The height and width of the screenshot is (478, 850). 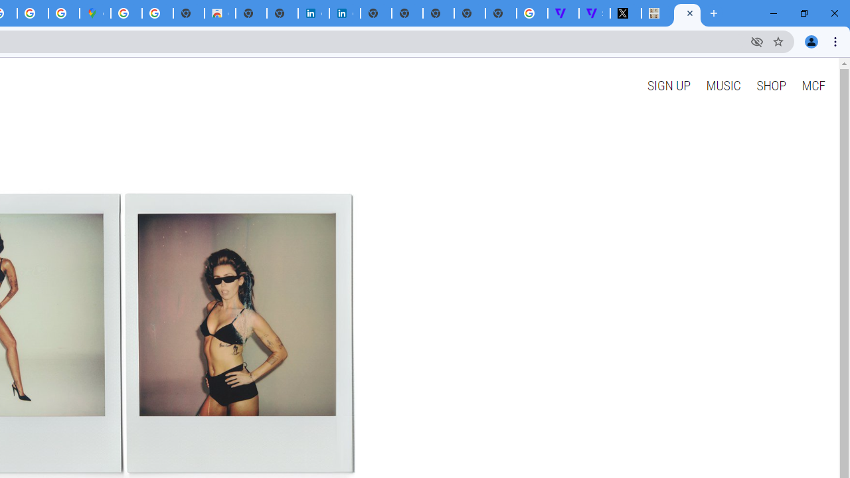 What do you see at coordinates (313, 13) in the screenshot?
I see `'Cookie Policy | LinkedIn'` at bounding box center [313, 13].